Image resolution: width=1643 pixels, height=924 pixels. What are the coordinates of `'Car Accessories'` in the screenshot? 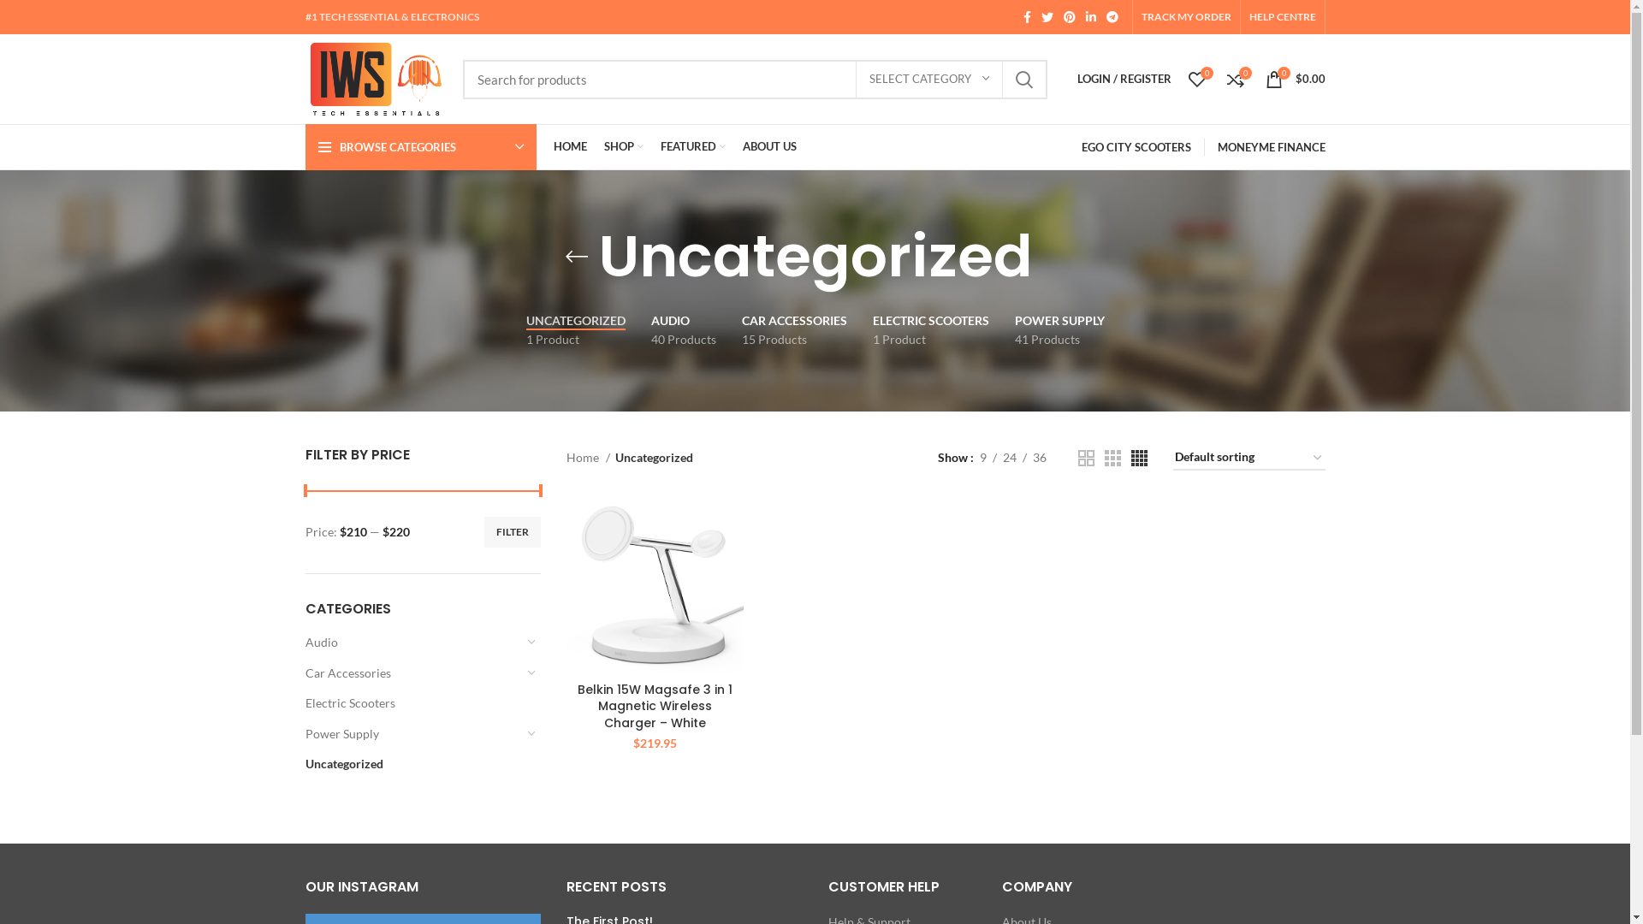 It's located at (412, 672).